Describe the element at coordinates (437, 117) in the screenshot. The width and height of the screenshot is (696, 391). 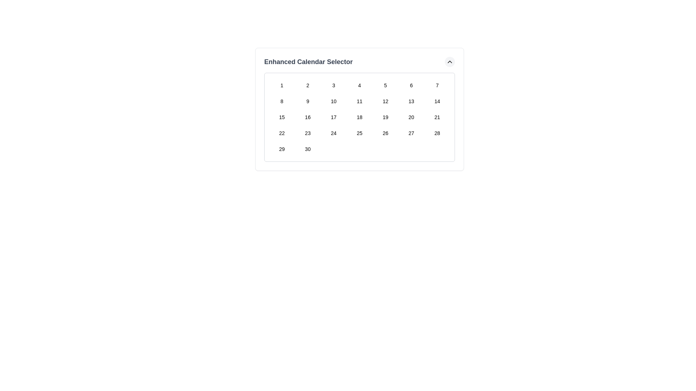
I see `the rectangular interactive button displaying the number '21'` at that location.